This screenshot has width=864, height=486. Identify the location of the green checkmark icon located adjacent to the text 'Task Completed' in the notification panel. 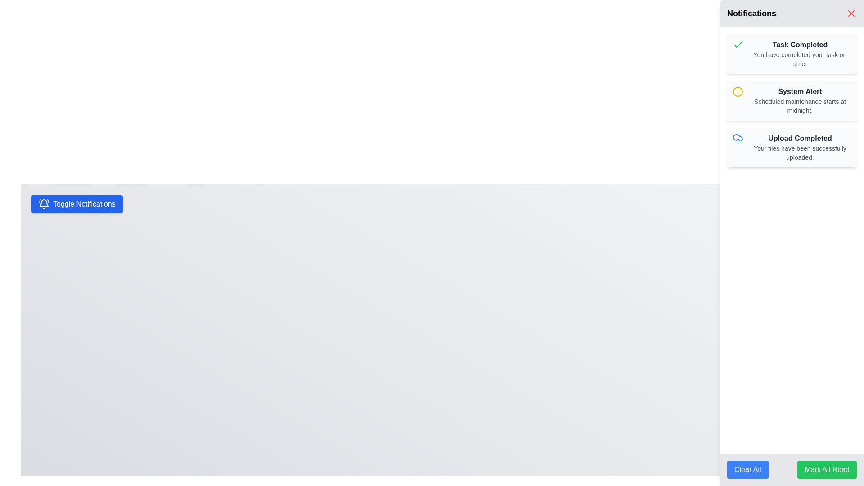
(738, 45).